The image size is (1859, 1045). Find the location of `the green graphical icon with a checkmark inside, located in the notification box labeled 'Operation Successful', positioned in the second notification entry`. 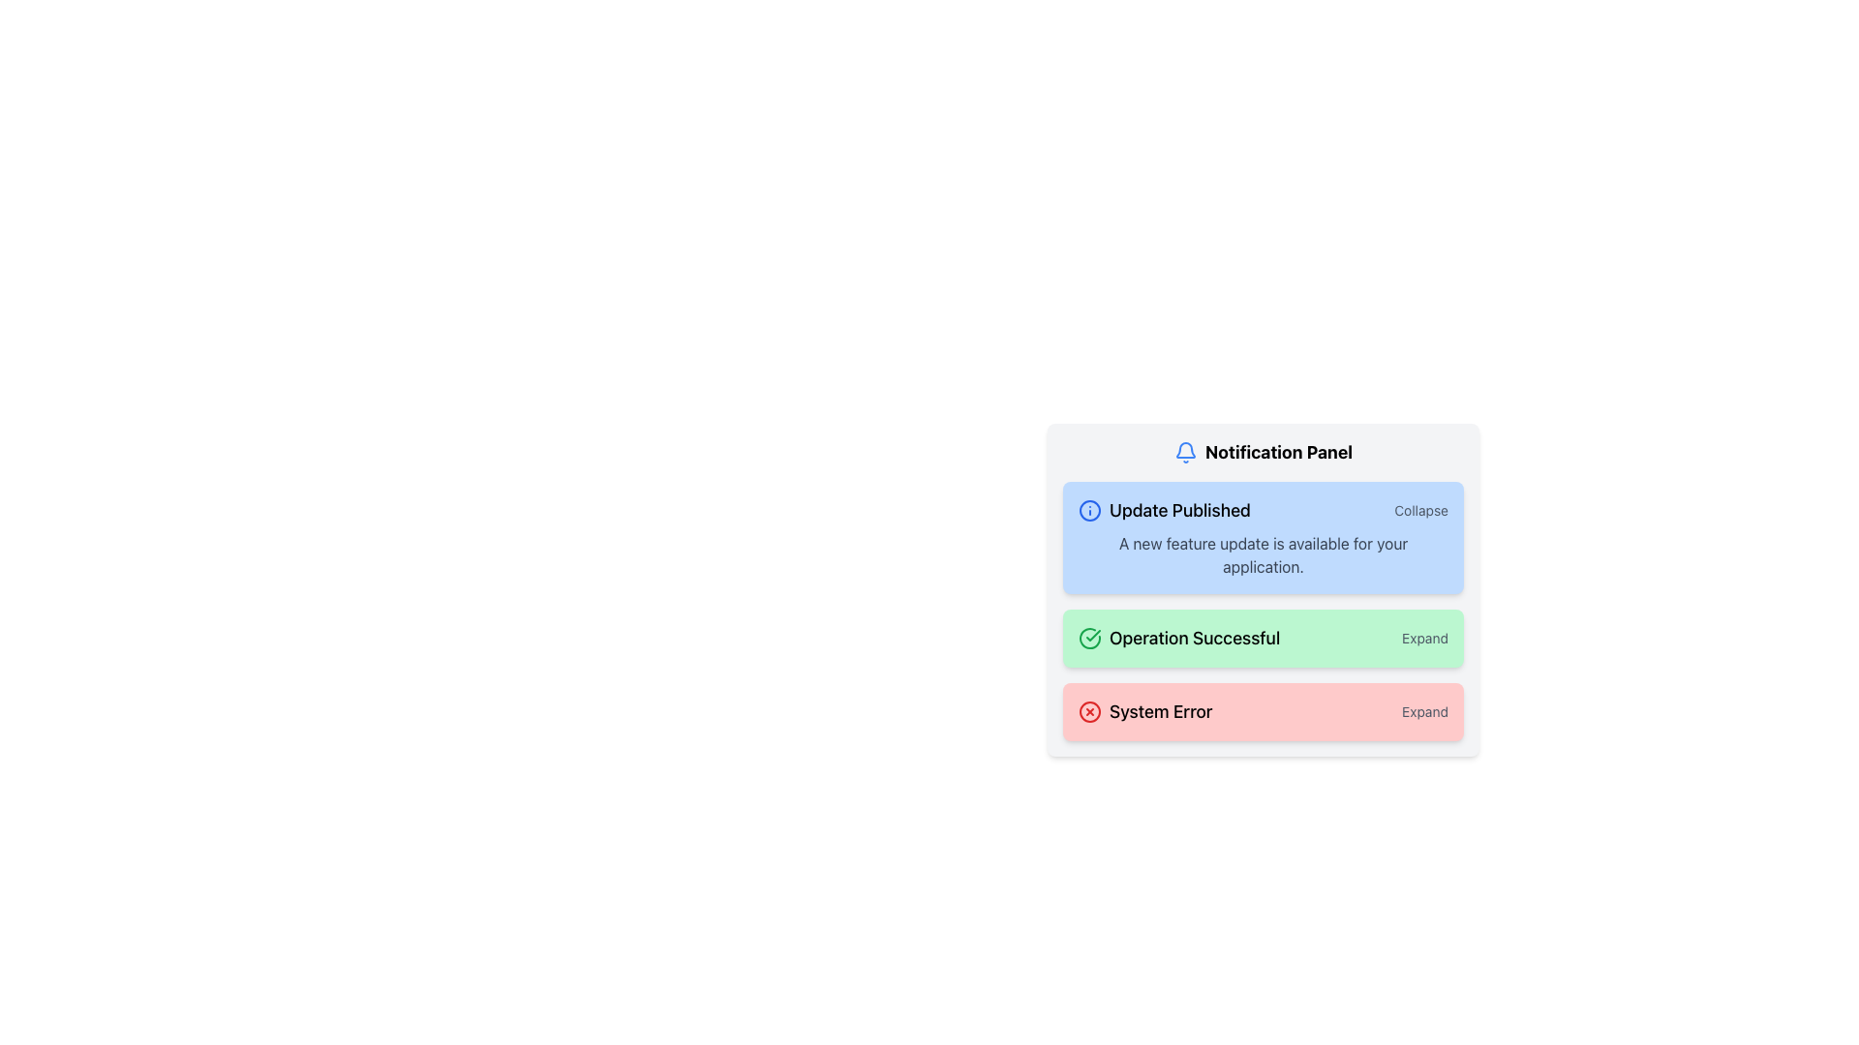

the green graphical icon with a checkmark inside, located in the notification box labeled 'Operation Successful', positioned in the second notification entry is located at coordinates (1090, 638).